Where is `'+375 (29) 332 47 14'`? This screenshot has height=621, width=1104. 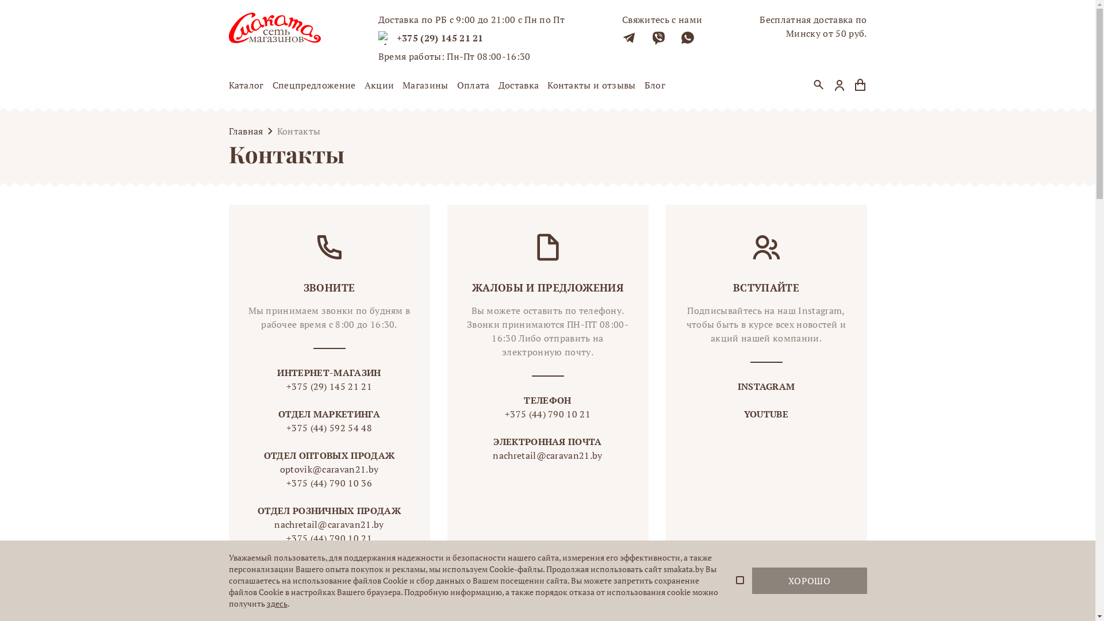
'+375 (29) 332 47 14' is located at coordinates (328, 551).